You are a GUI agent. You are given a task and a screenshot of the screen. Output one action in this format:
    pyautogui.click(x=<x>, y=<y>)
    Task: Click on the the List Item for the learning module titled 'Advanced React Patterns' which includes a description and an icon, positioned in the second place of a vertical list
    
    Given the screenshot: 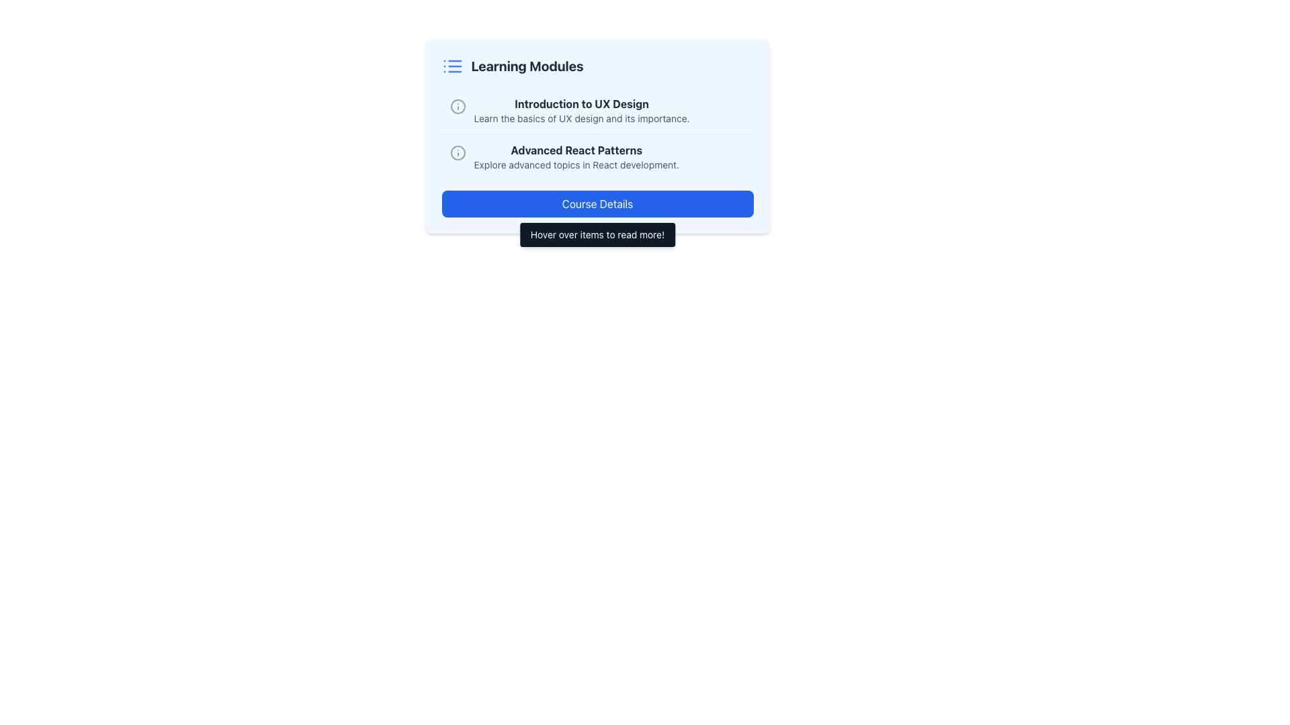 What is the action you would take?
    pyautogui.click(x=597, y=156)
    